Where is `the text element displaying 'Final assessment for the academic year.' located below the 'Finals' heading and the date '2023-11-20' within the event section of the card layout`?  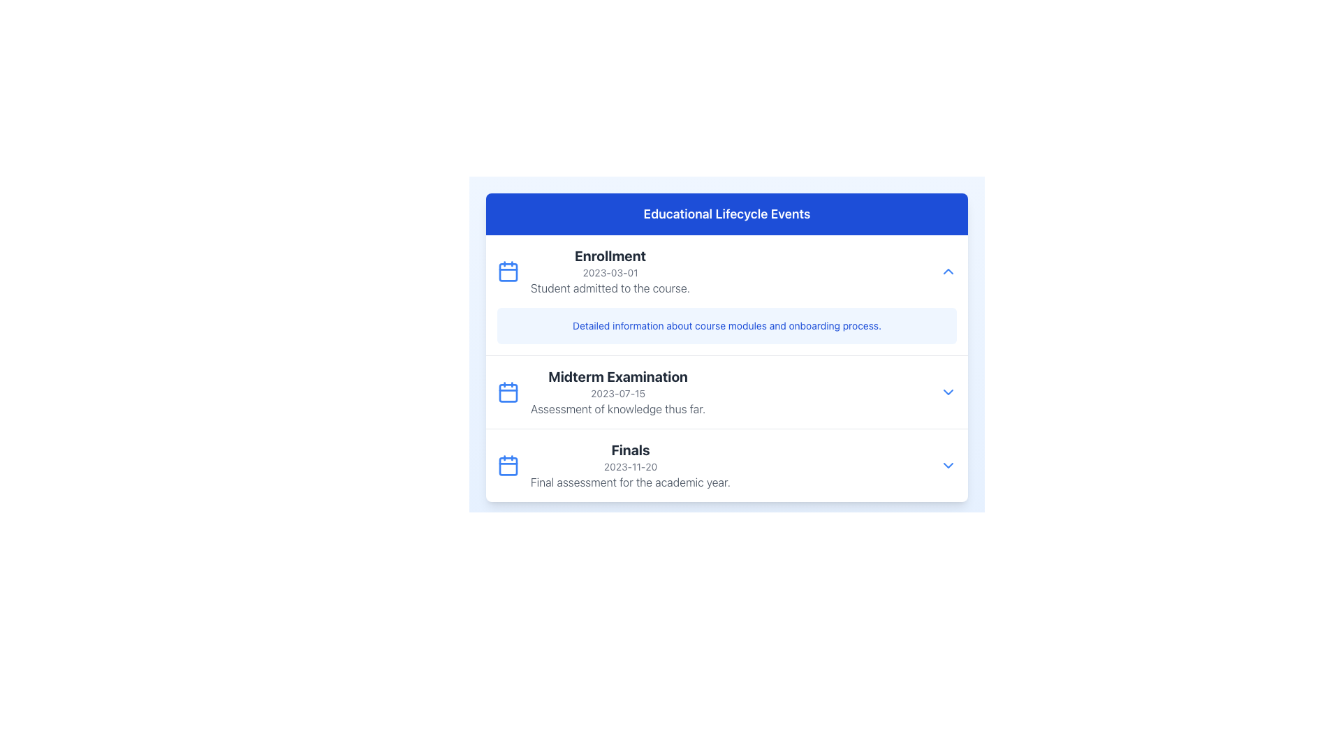
the text element displaying 'Final assessment for the academic year.' located below the 'Finals' heading and the date '2023-11-20' within the event section of the card layout is located at coordinates (629, 481).